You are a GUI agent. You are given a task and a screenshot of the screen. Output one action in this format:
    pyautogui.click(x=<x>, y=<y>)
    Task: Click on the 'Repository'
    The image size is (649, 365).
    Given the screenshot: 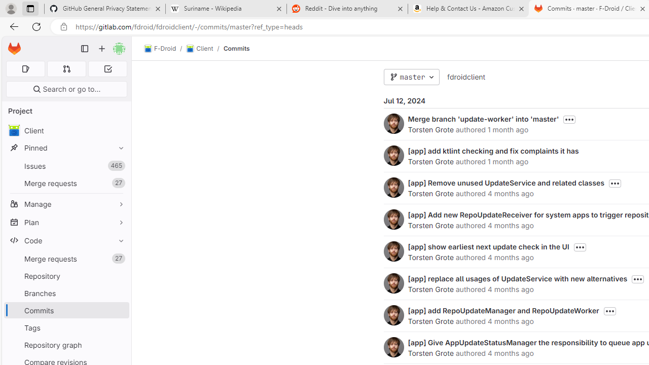 What is the action you would take?
    pyautogui.click(x=66, y=276)
    